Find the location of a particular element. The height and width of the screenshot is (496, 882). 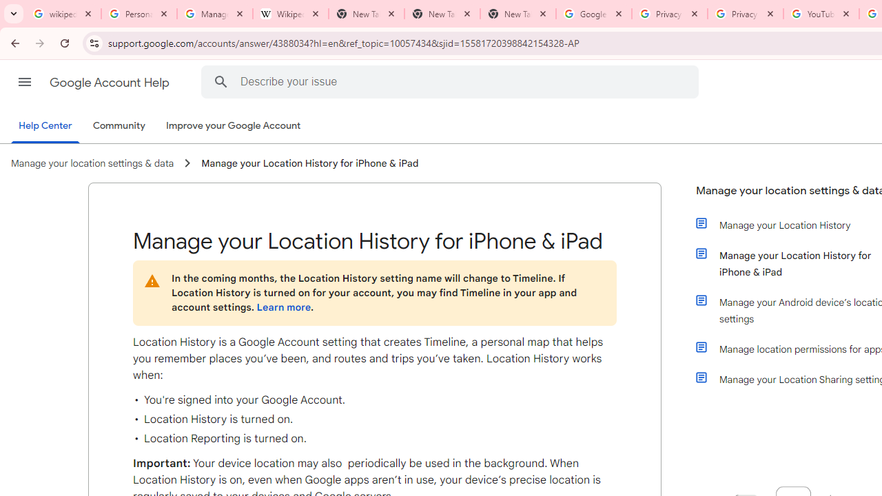

'Google Drive: Sign-in' is located at coordinates (593, 14).